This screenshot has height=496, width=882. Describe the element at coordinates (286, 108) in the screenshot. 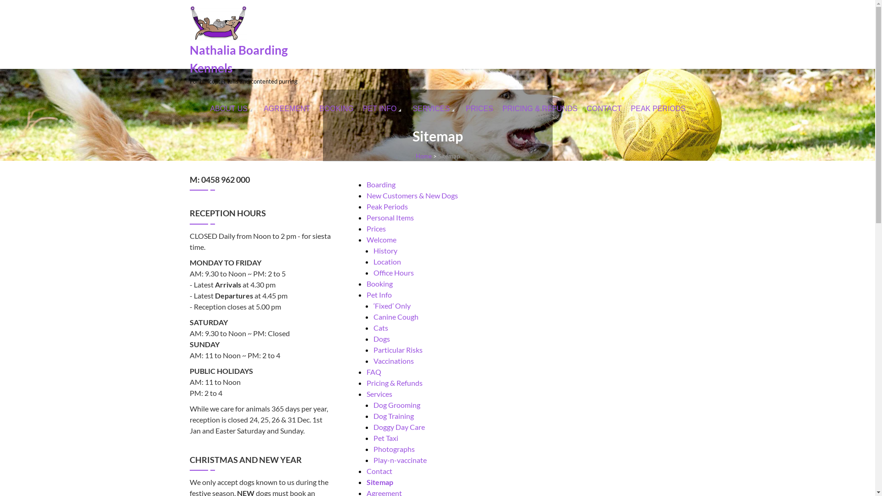

I see `'AGREEMENT'` at that location.